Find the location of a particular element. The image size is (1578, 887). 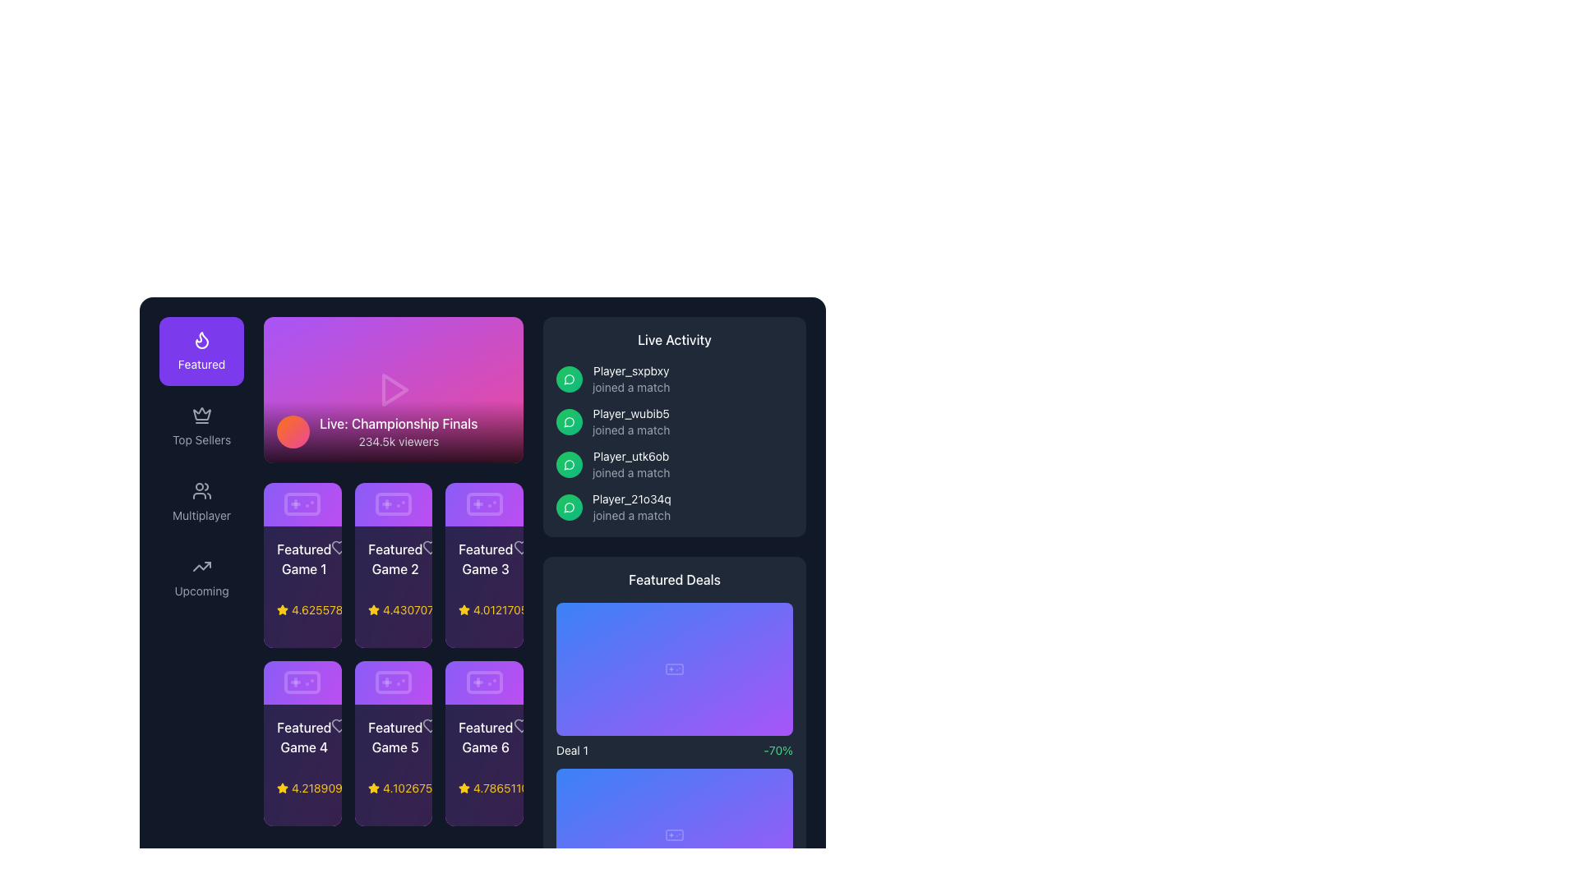

the static text label displaying 'Player_sxpbxy' in the 'Live Activity' section is located at coordinates (630, 370).